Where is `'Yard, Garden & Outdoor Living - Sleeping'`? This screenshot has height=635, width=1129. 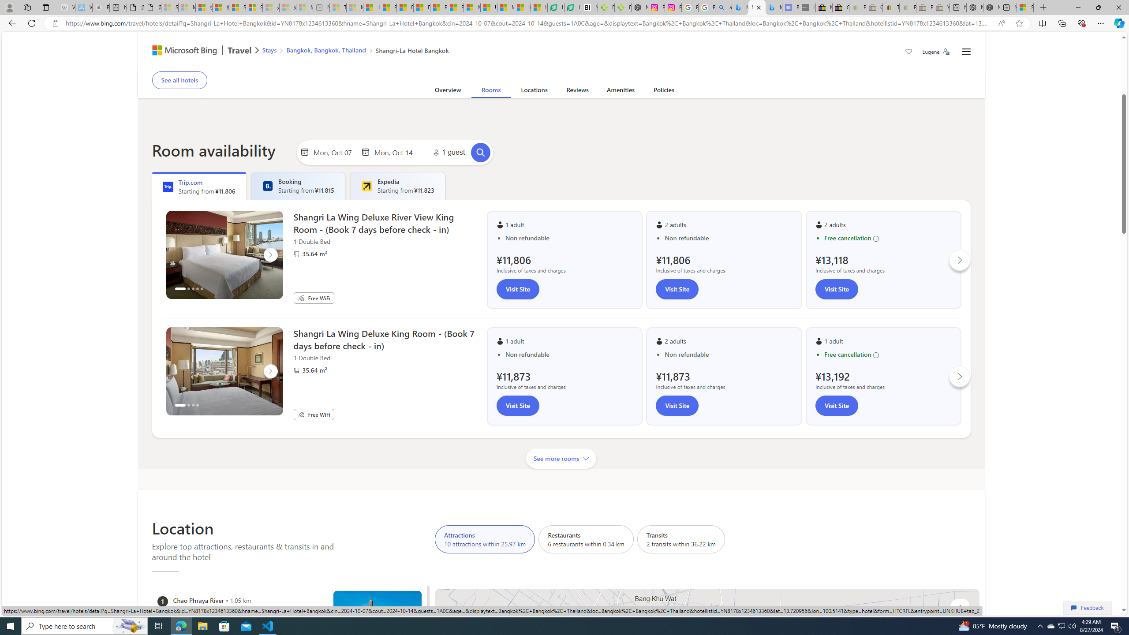 'Yard, Garden & Outdoor Living - Sleeping' is located at coordinates (942, 7).